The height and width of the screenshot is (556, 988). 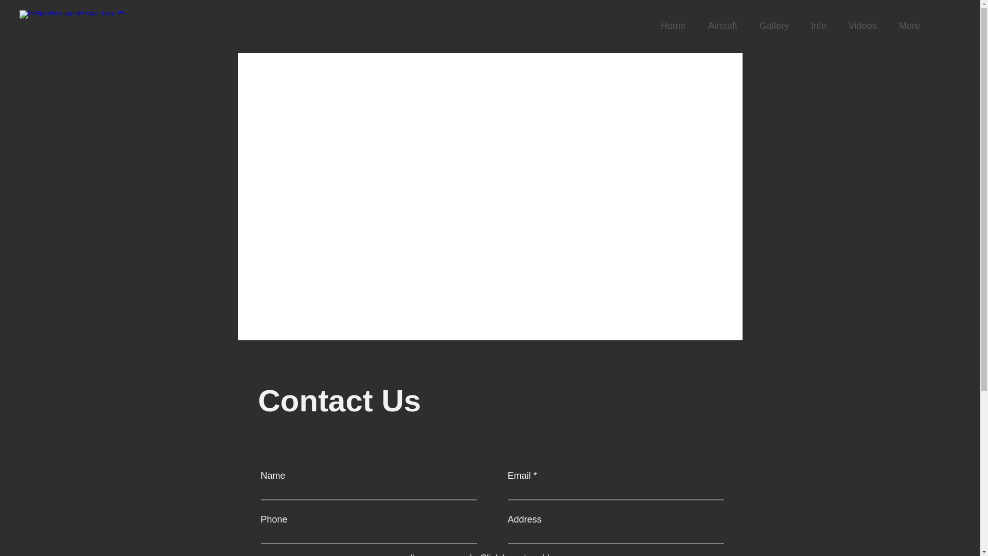 What do you see at coordinates (751, 25) in the screenshot?
I see `'Gallery'` at bounding box center [751, 25].